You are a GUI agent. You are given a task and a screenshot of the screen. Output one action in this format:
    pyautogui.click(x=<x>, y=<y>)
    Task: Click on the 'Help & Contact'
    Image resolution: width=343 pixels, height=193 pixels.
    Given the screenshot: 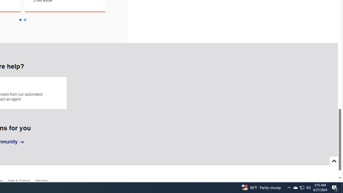 What is the action you would take?
    pyautogui.click(x=21, y=182)
    